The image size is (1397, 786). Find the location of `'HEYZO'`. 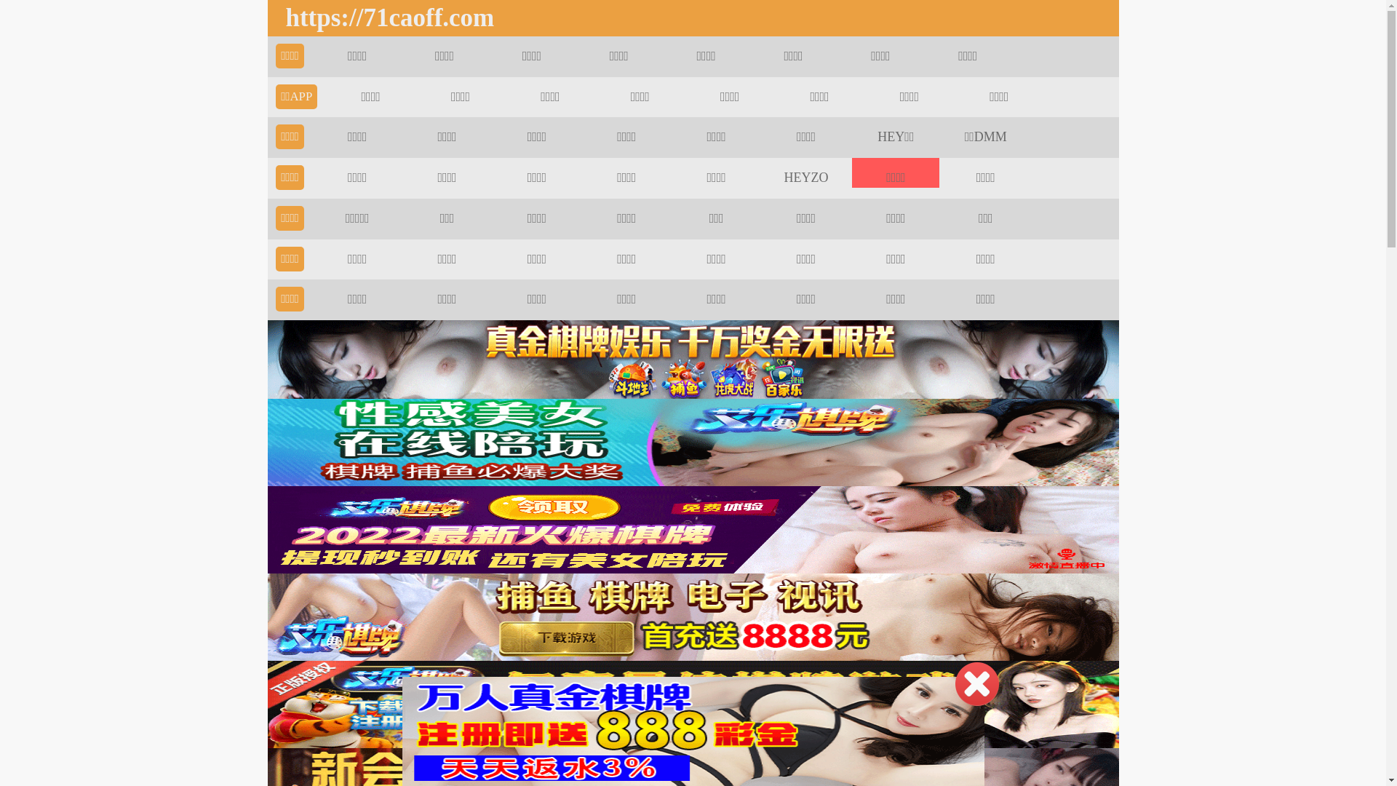

'HEYZO' is located at coordinates (805, 176).